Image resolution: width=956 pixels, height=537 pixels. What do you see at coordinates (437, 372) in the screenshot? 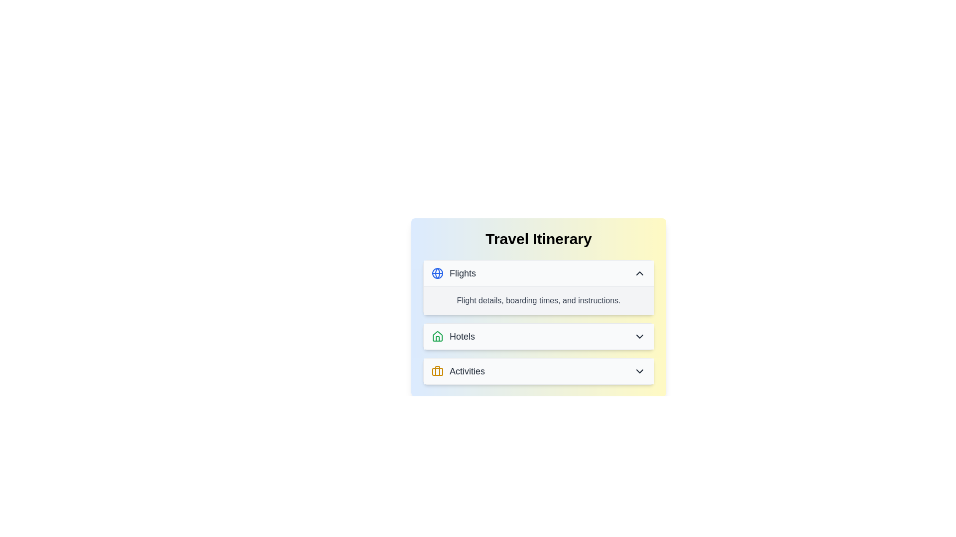
I see `the yellow rectangle decorative shape within the 'briefcase' icon in the 'Activities' list of the 'Travel Itinerary' interface` at bounding box center [437, 372].